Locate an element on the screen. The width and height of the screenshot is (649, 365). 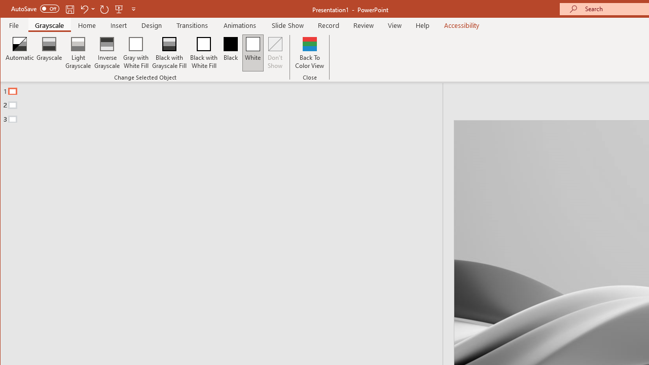
'Gray with White Fill' is located at coordinates (135, 53).